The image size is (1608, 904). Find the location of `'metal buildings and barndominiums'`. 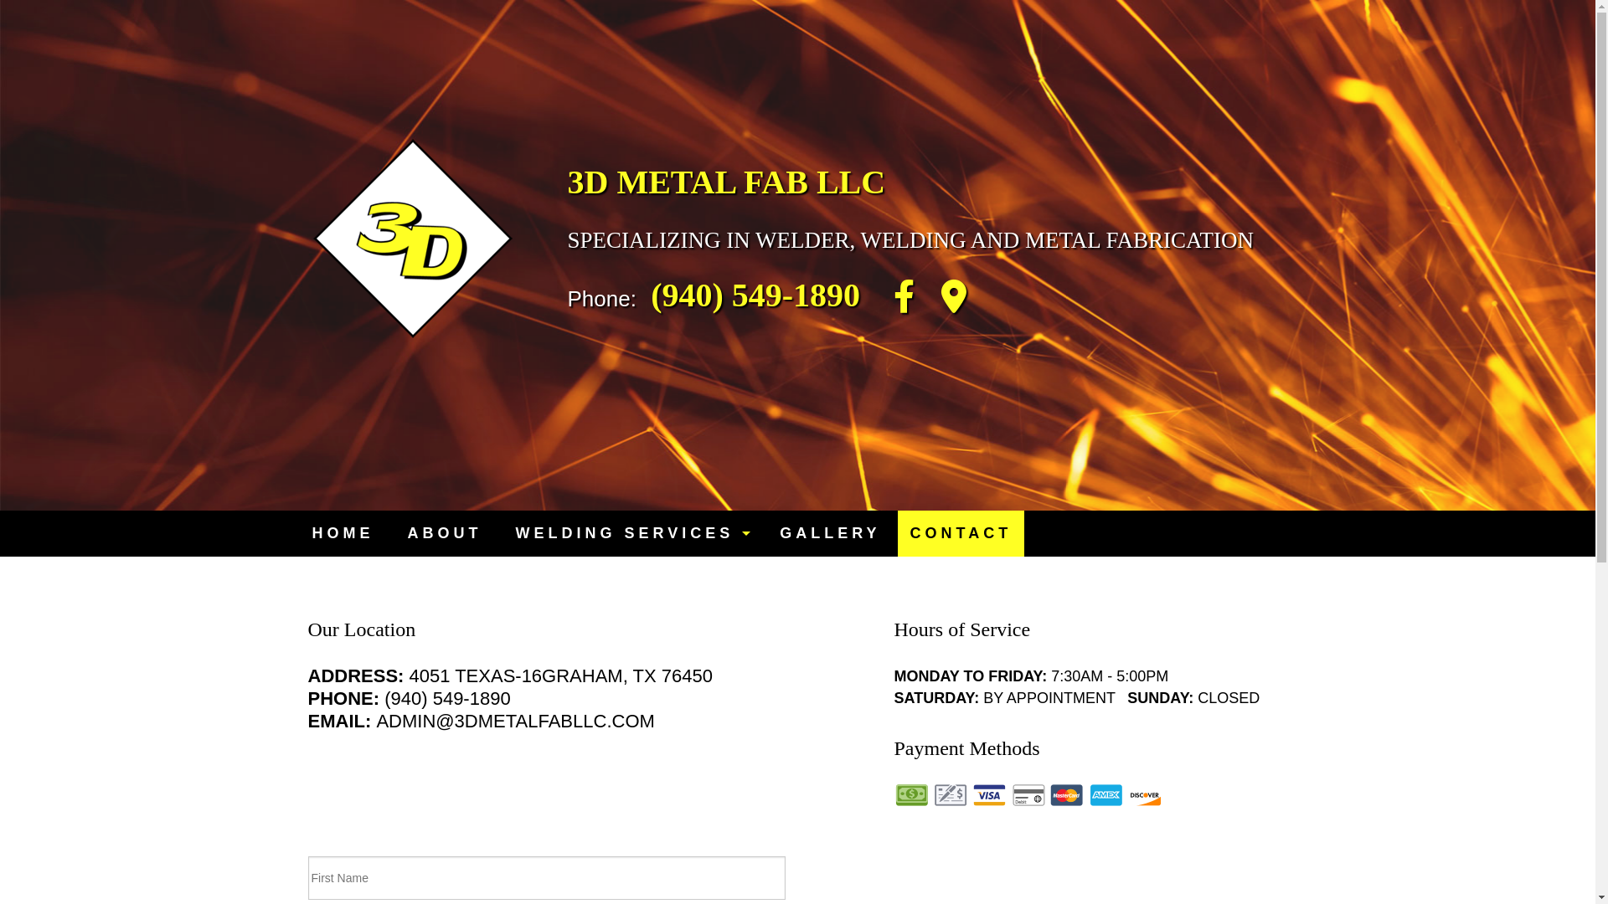

'metal buildings and barndominiums' is located at coordinates (630, 607).